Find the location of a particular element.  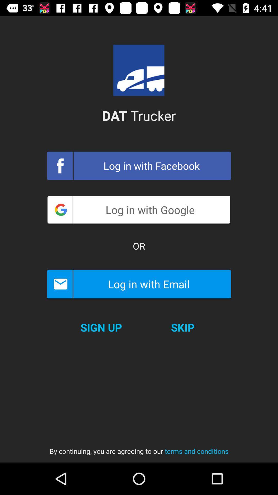

the or item is located at coordinates (139, 246).